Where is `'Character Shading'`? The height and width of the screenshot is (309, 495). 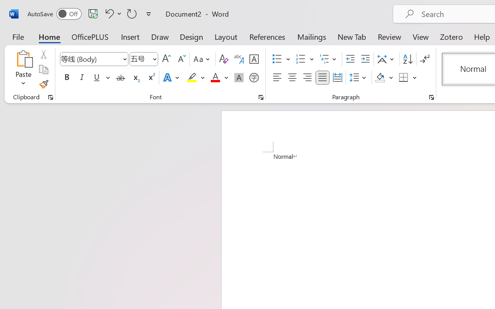
'Character Shading' is located at coordinates (239, 78).